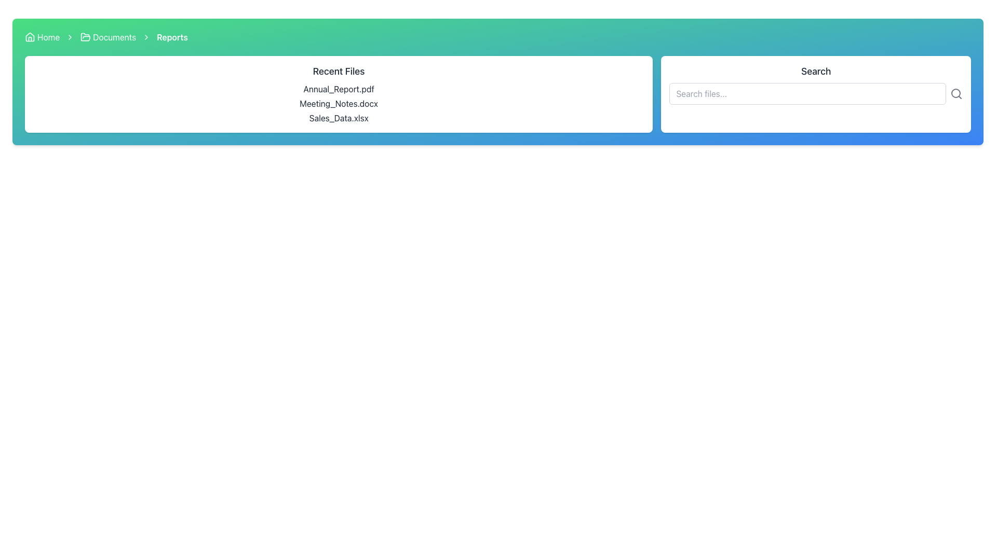 This screenshot has width=997, height=560. What do you see at coordinates (86, 37) in the screenshot?
I see `the 'Documents' icon in the breadcrumb navigation bar, which is positioned to the left of the 'Documents' text link, indicating the current context` at bounding box center [86, 37].